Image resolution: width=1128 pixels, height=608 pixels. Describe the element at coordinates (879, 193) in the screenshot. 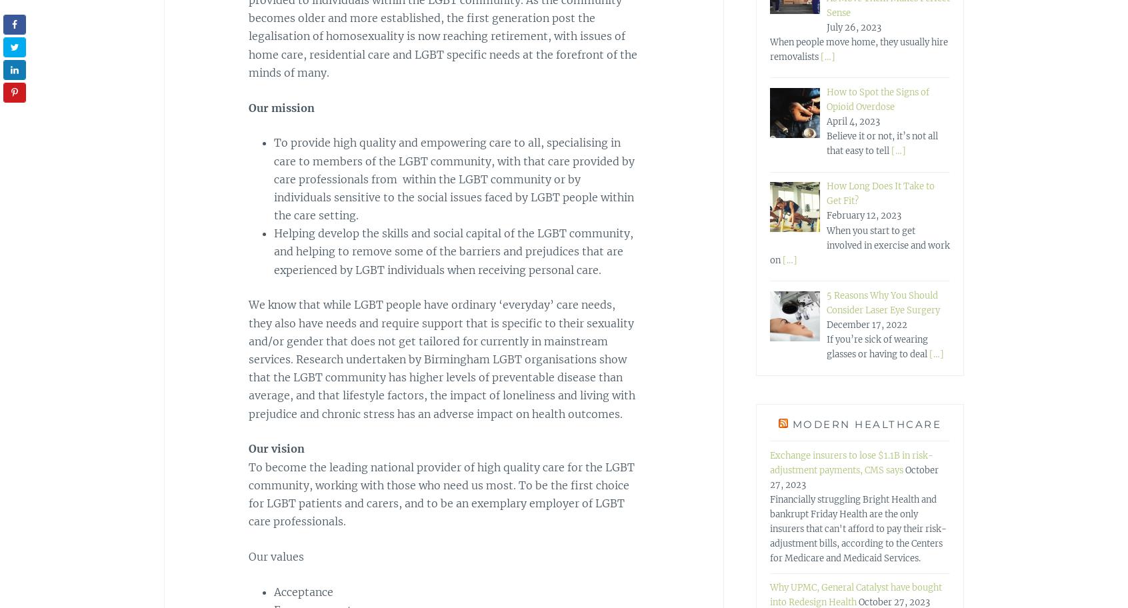

I see `'How Long Does It Take to Get Fit?'` at that location.